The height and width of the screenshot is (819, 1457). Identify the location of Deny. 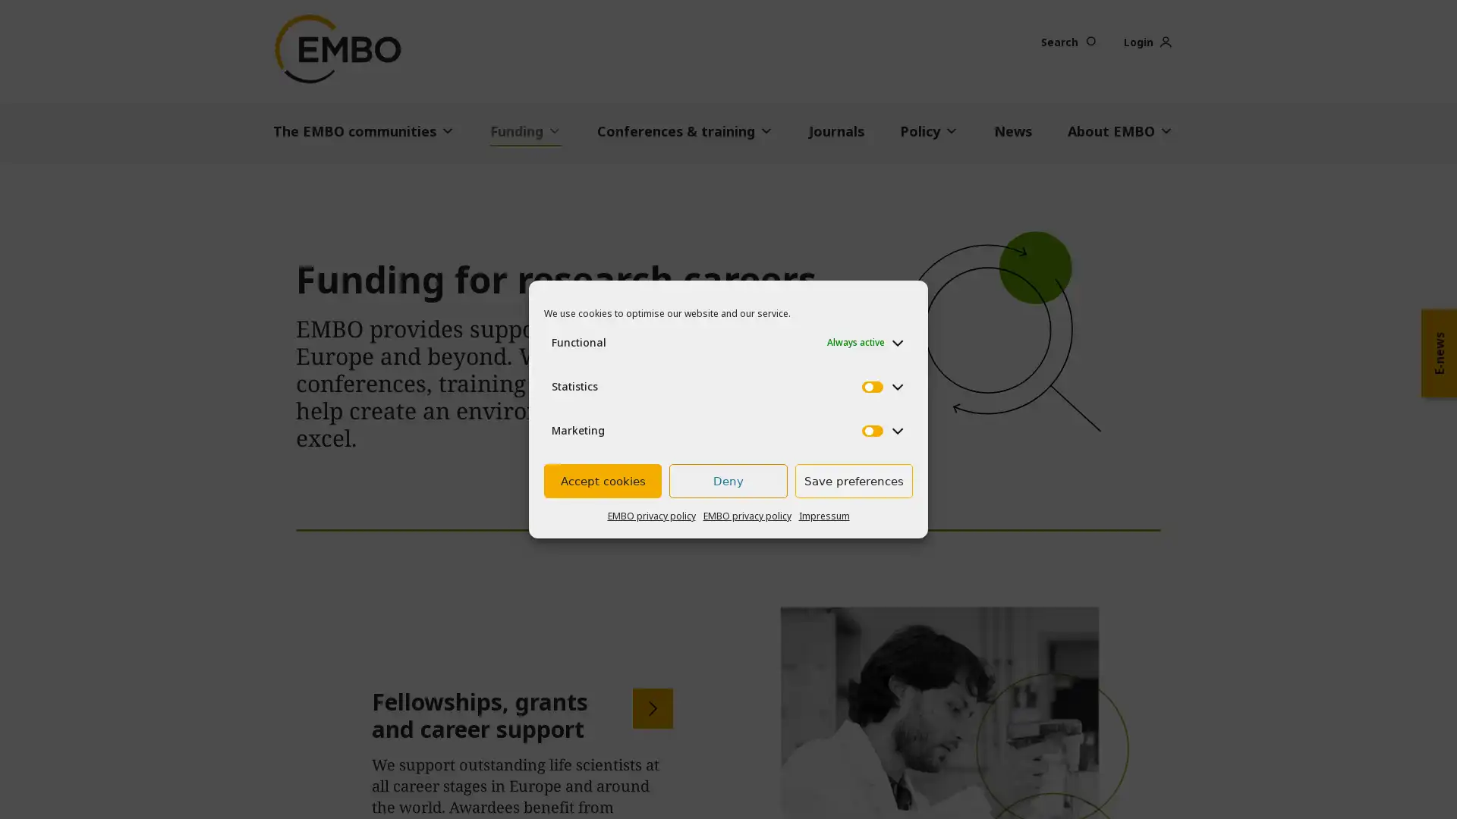
(727, 481).